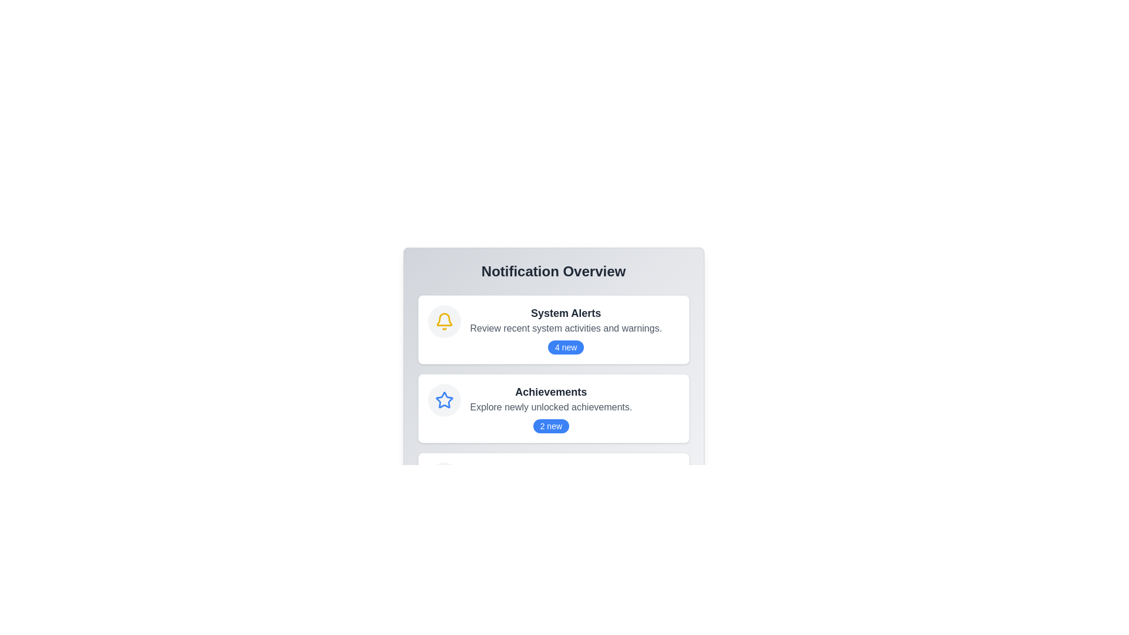 The width and height of the screenshot is (1129, 635). I want to click on the bell-shaped notification icon with a yellow outline located in the top left corner of the 'System Alerts' section in the 'Notification Overview' interface, so click(443, 319).